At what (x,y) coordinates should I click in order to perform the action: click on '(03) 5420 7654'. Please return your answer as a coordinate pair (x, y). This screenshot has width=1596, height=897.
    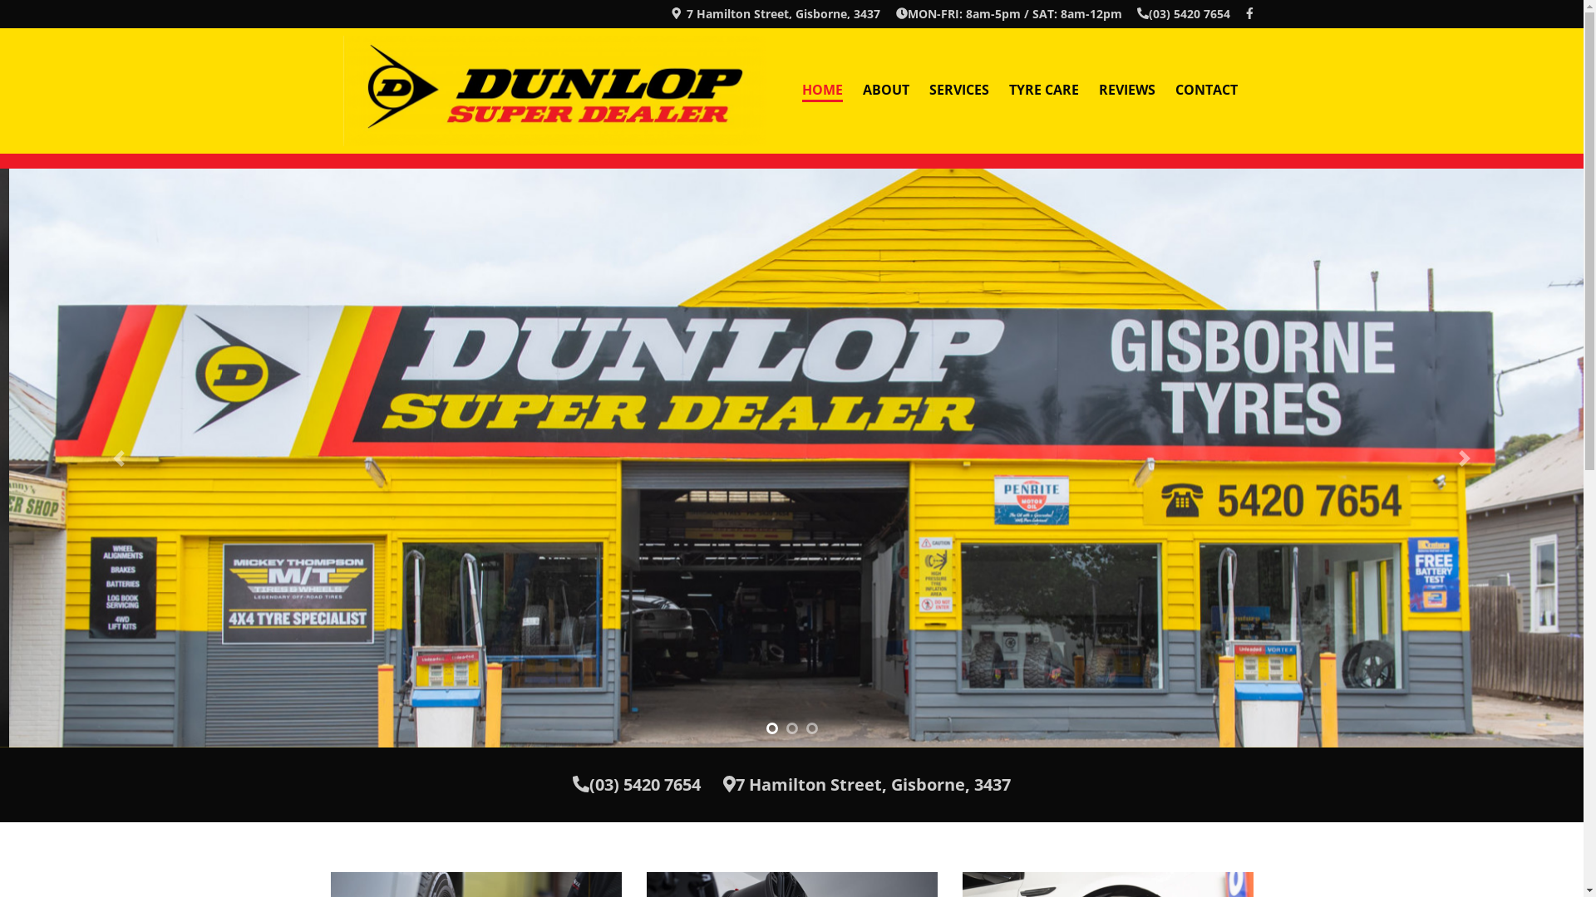
    Looking at the image, I should click on (1136, 13).